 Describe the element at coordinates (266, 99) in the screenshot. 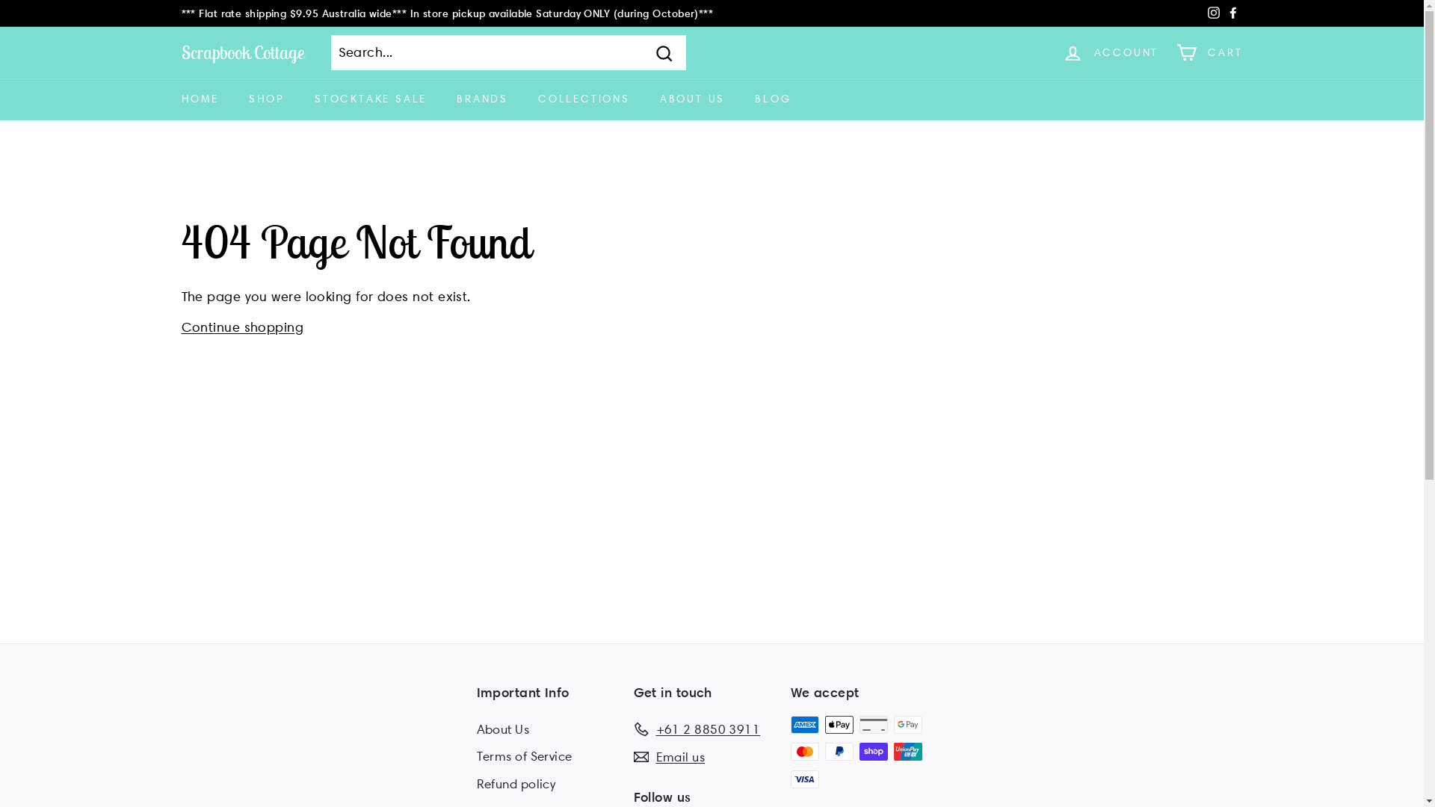

I see `'SHOP'` at that location.